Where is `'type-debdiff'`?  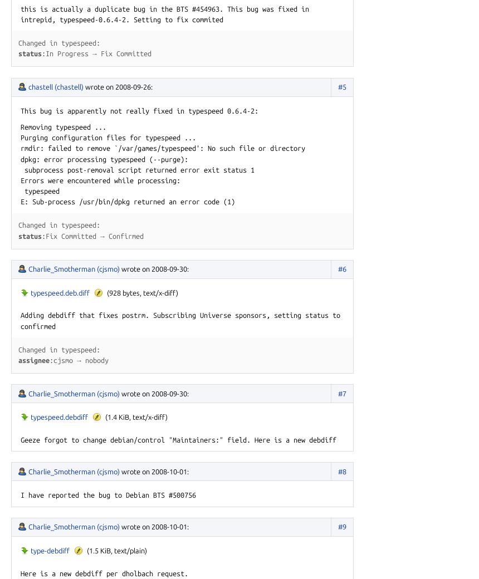 'type-debdiff' is located at coordinates (50, 550).